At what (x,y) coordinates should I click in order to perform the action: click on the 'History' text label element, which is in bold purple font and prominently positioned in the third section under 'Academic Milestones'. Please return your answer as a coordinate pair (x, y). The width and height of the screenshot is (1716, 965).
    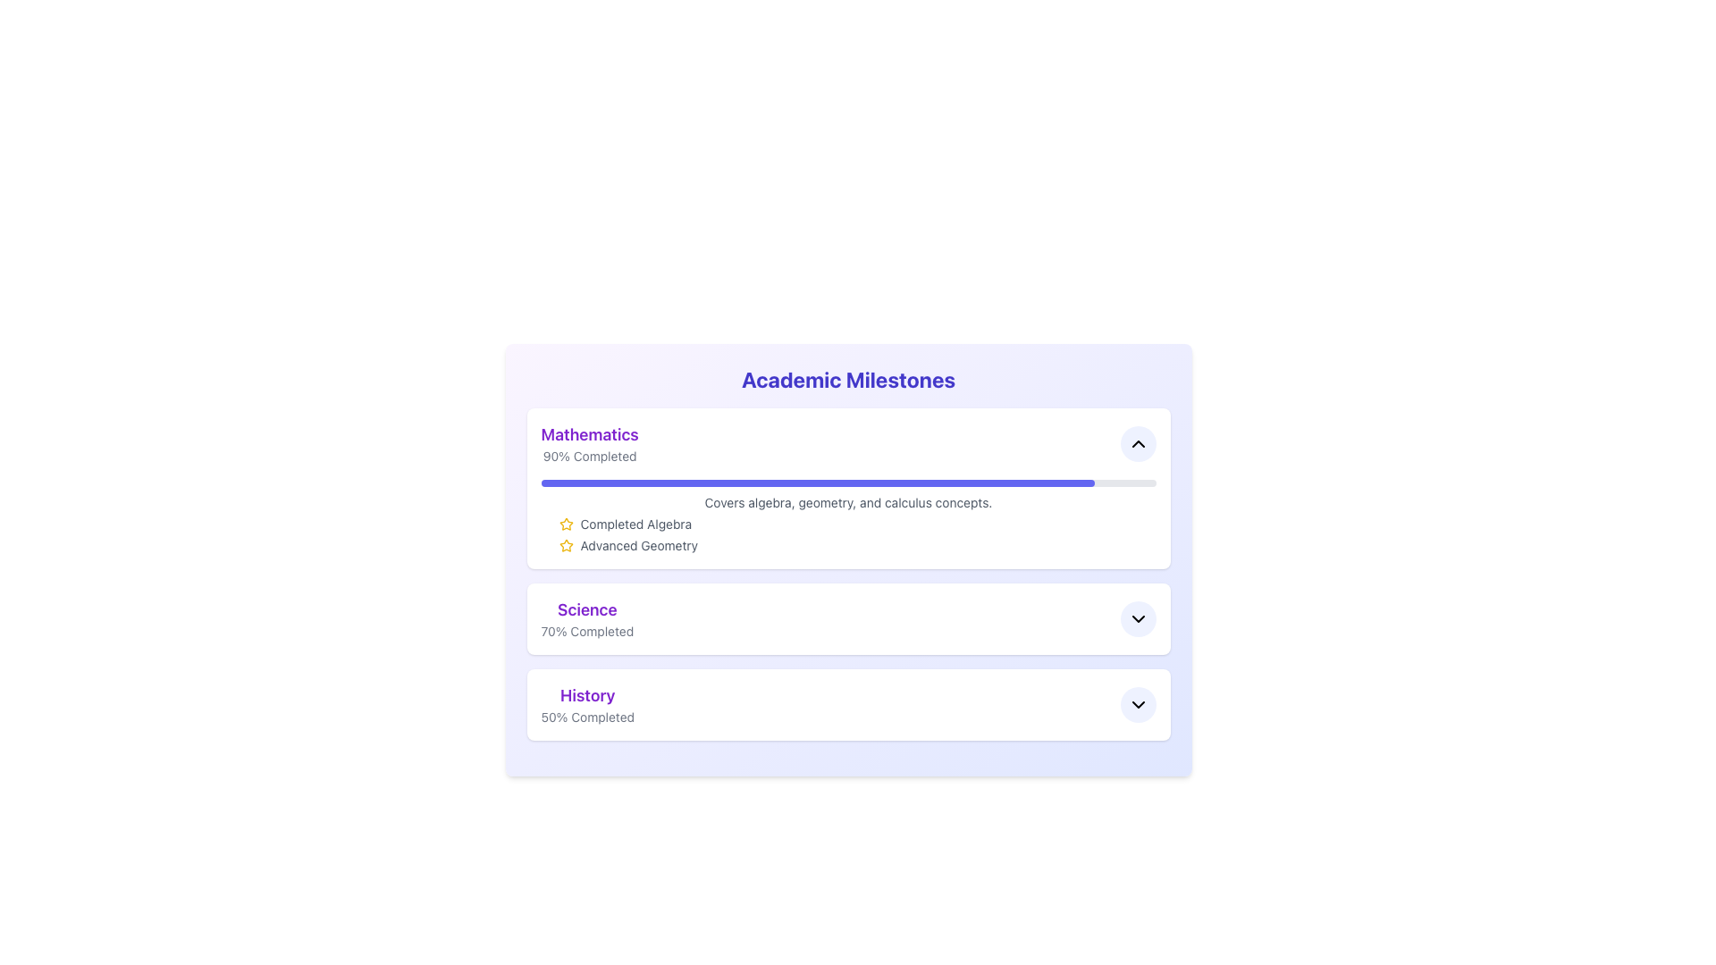
    Looking at the image, I should click on (587, 695).